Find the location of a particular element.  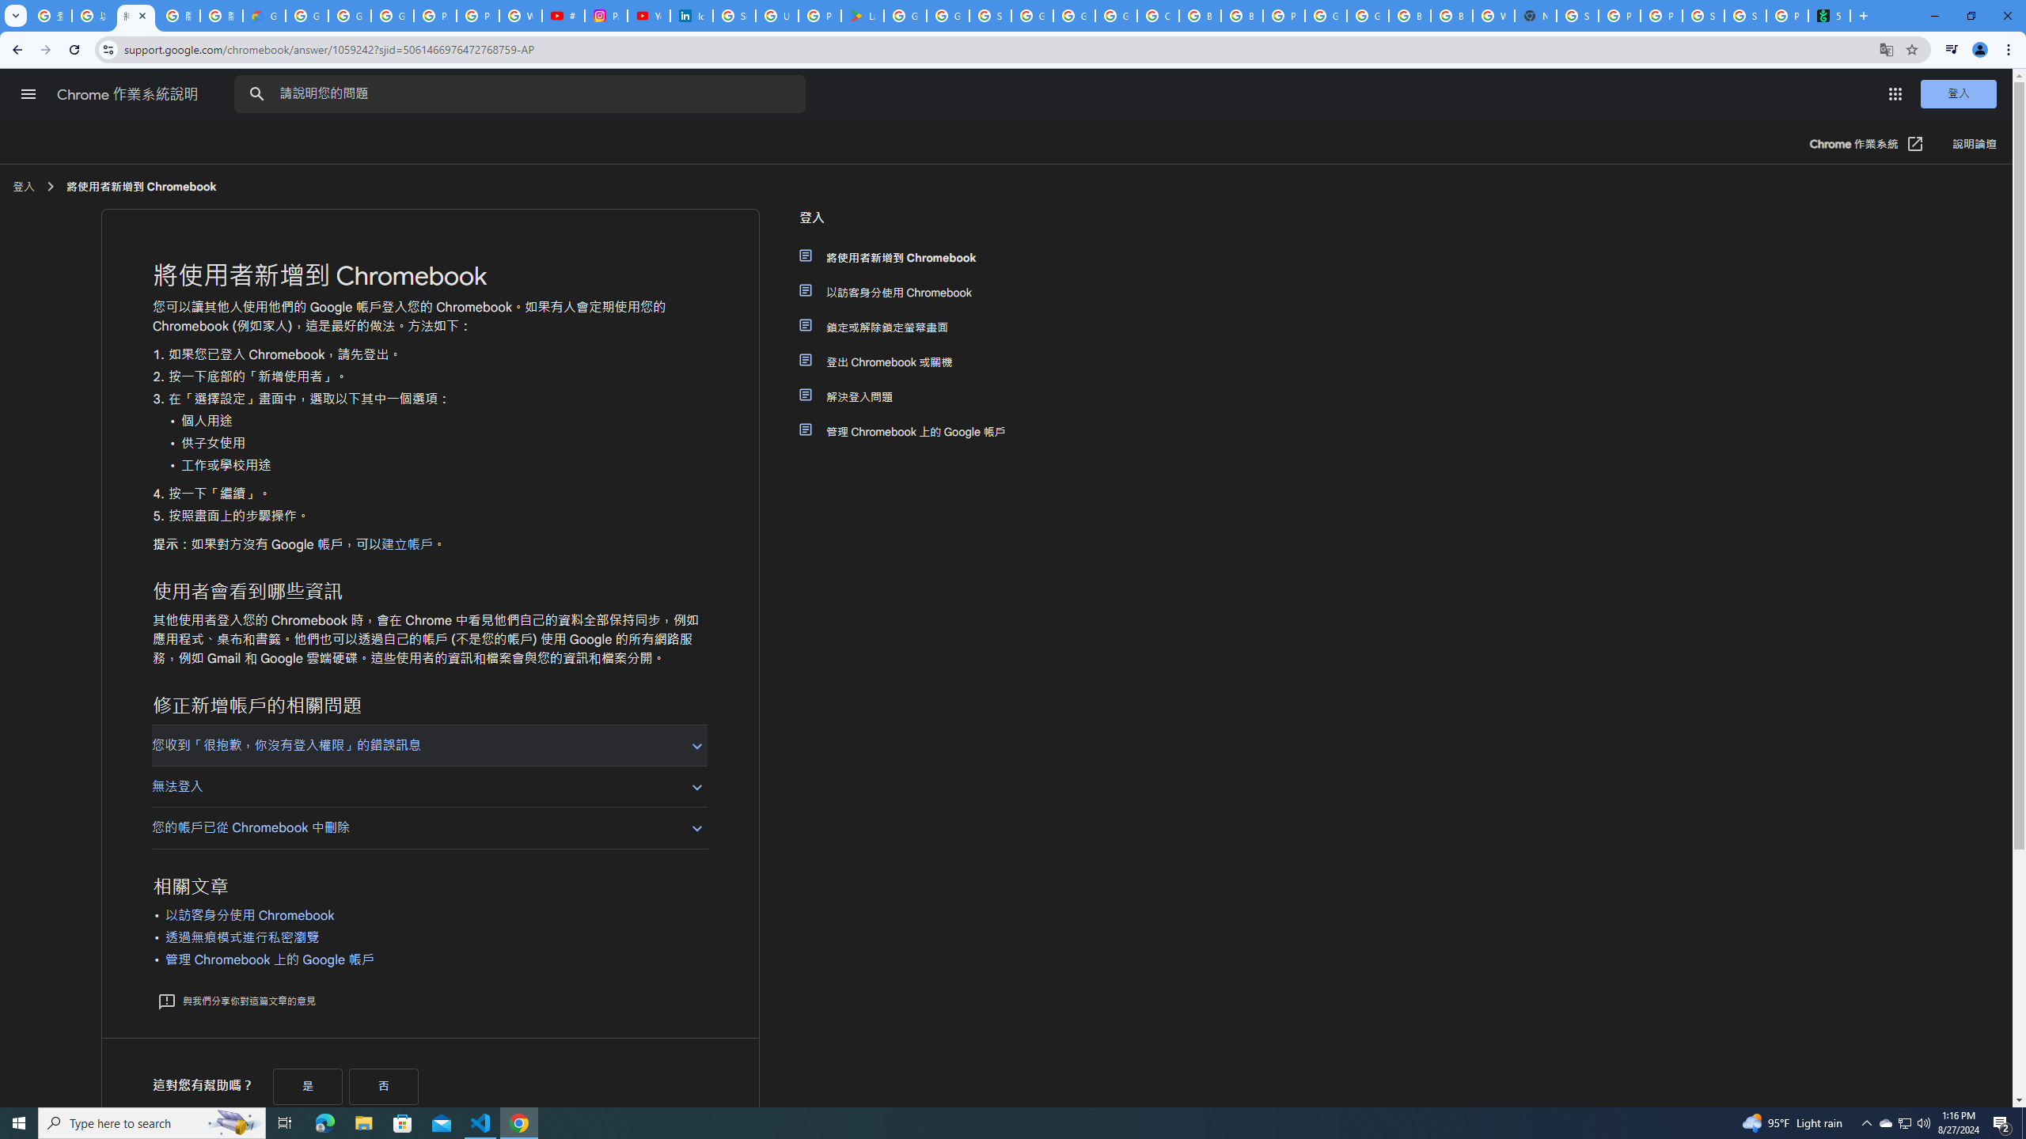

'New Tab' is located at coordinates (1861, 15).